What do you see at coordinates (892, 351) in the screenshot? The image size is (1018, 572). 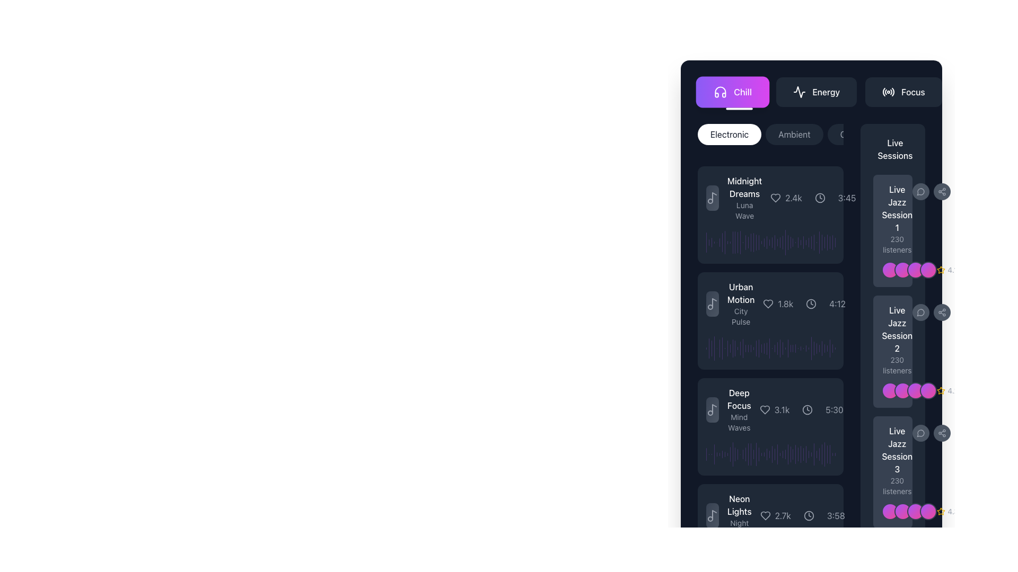 I see `the second live jazz session listing` at bounding box center [892, 351].